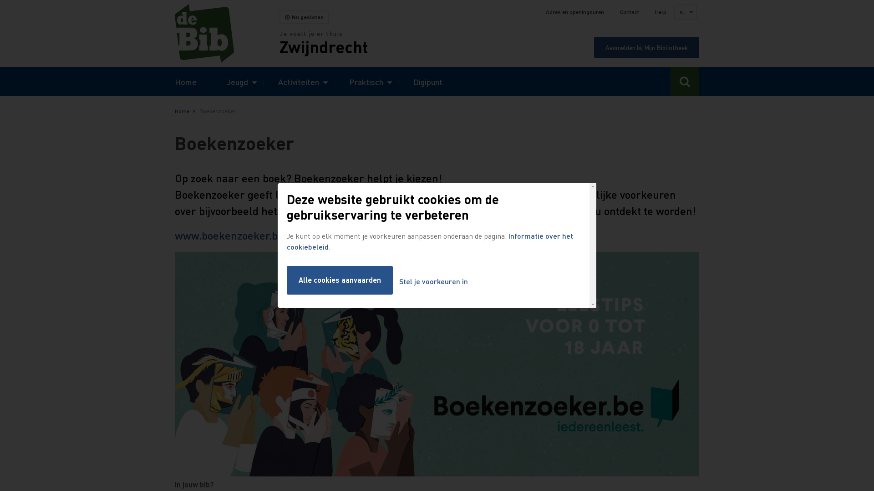 The image size is (874, 491). I want to click on 'Contact', so click(629, 12).